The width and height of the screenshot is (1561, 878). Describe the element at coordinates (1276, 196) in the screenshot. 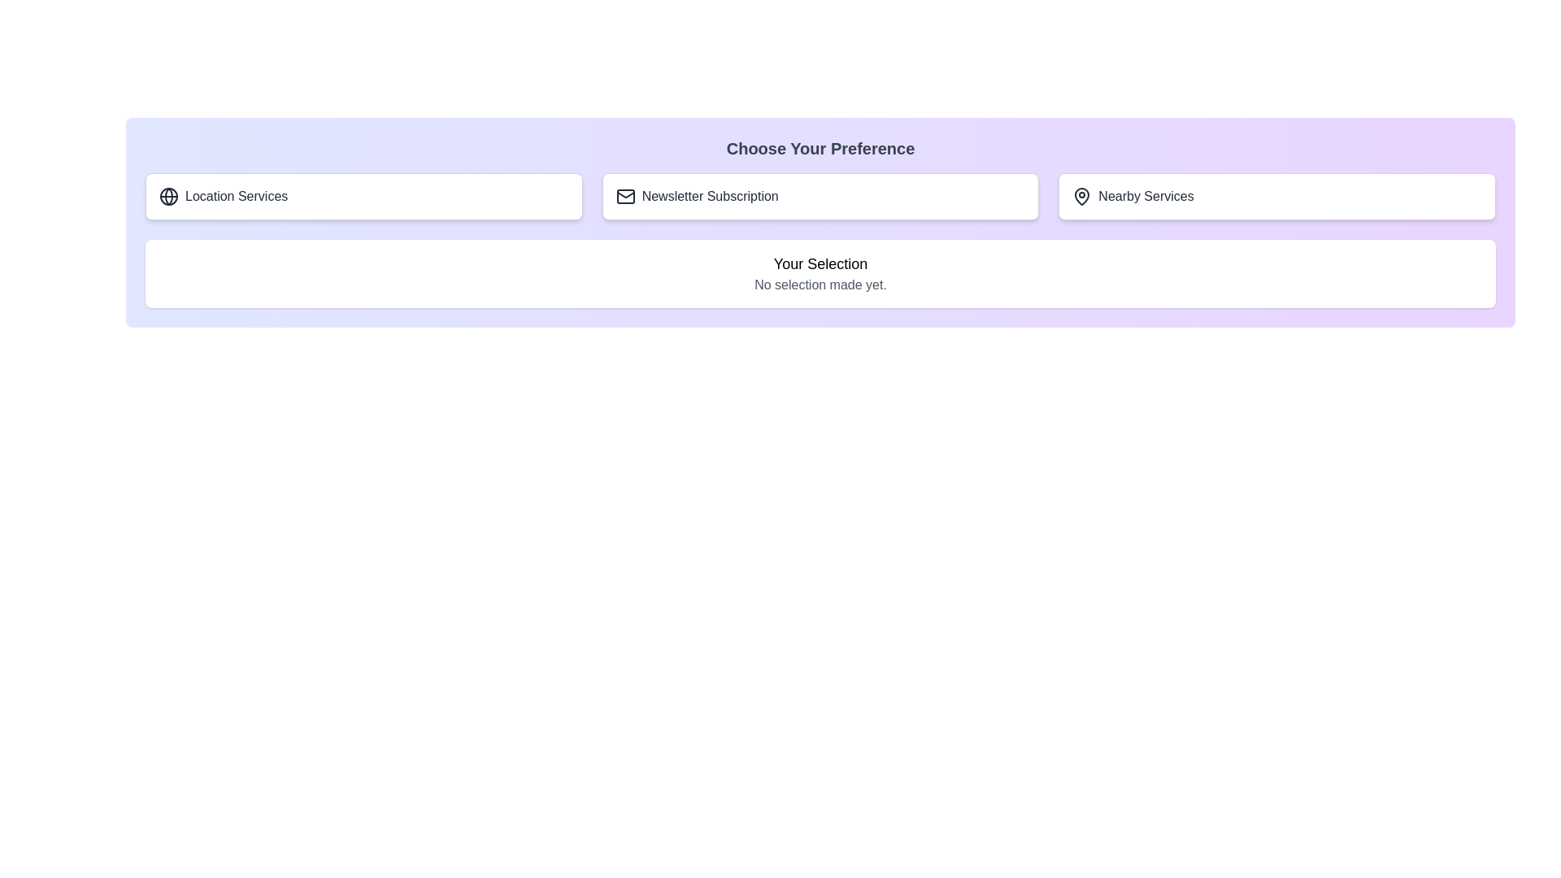

I see `the button labeled Nearby Services to observe its hover effect` at that location.